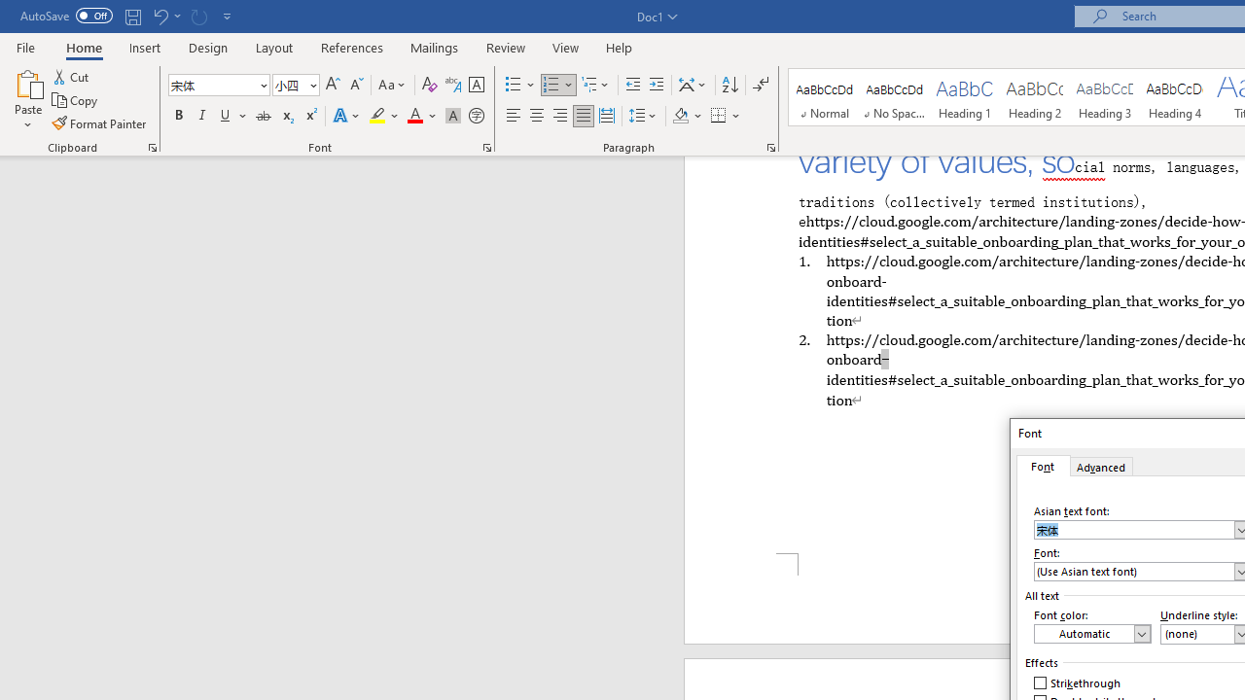  What do you see at coordinates (144, 47) in the screenshot?
I see `'Insert'` at bounding box center [144, 47].